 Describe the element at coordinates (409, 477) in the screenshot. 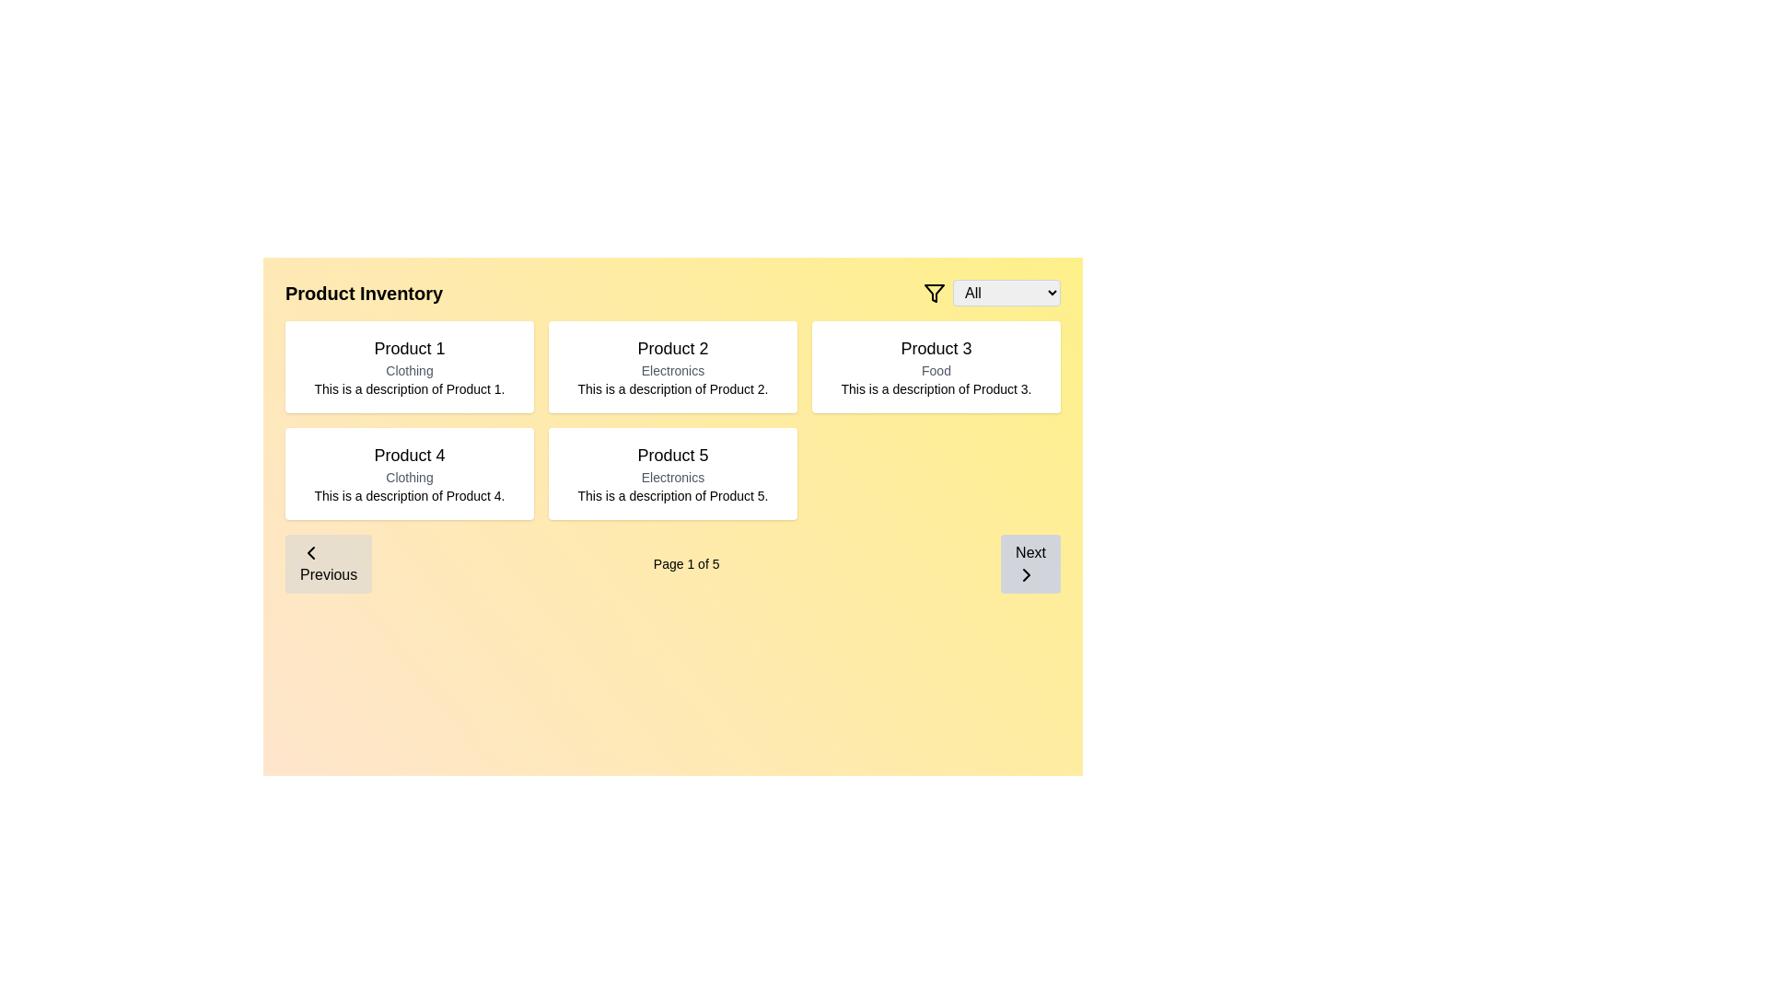

I see `text displayed in the 'Clothing' label, which is in a small, light gray font located beneath the title 'Product 4' and above the description text within the bordered card` at that location.